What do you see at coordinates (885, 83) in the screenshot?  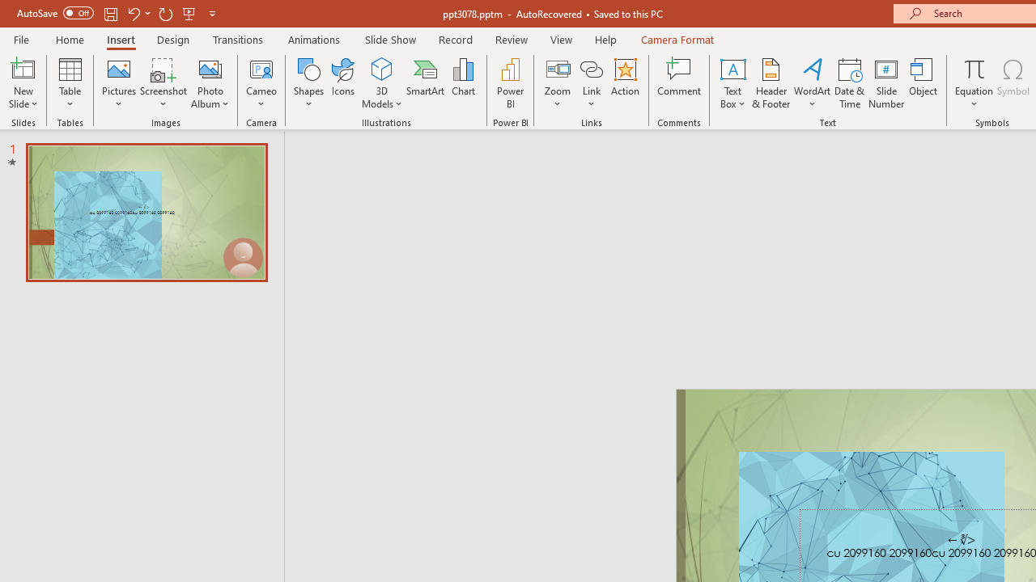 I see `'Slide Number'` at bounding box center [885, 83].